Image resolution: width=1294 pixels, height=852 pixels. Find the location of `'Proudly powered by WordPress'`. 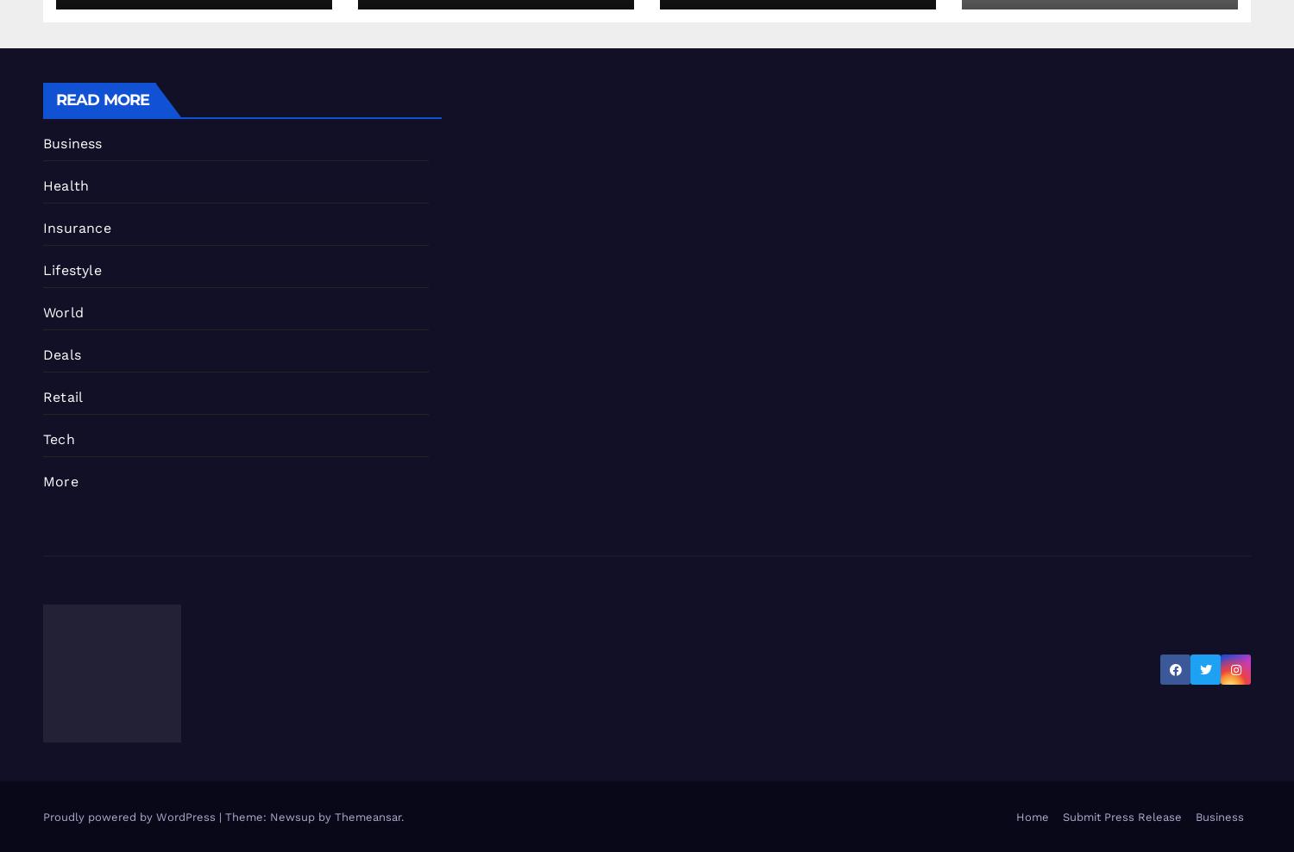

'Proudly powered by WordPress' is located at coordinates (130, 817).